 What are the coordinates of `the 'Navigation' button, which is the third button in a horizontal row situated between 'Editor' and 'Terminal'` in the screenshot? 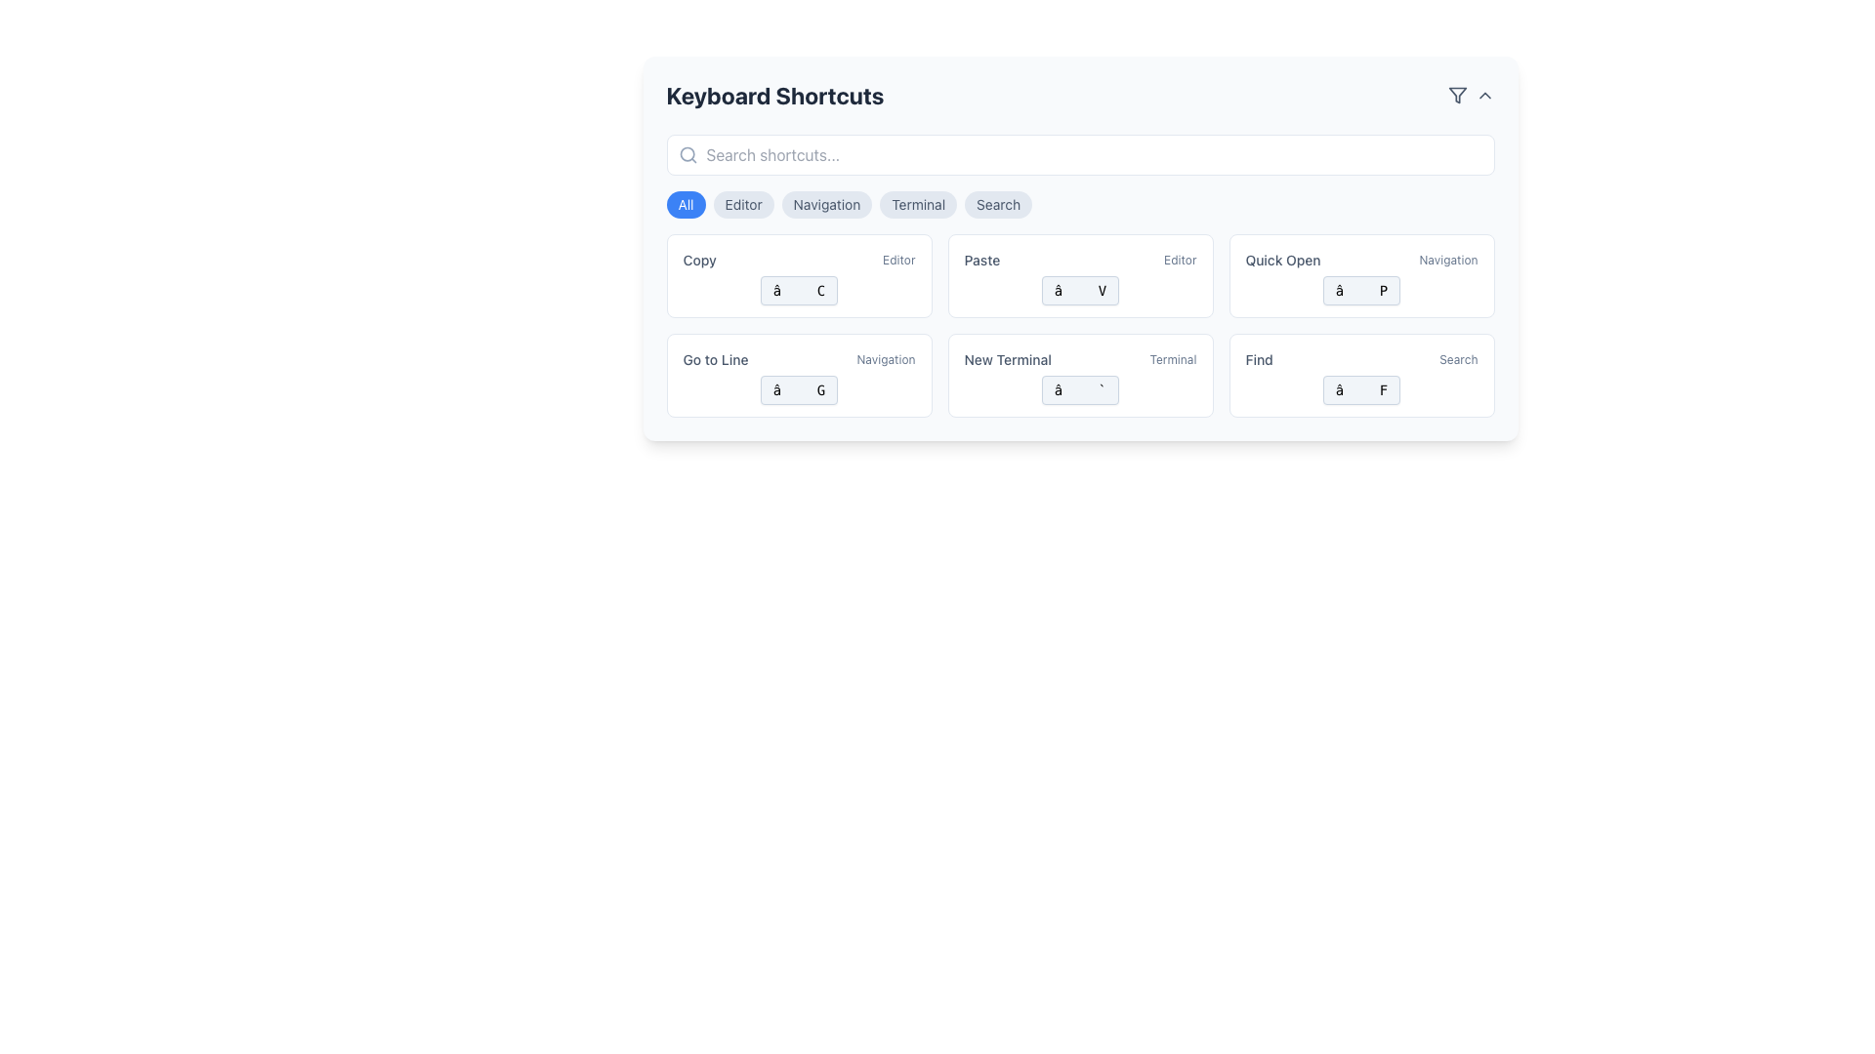 It's located at (826, 204).